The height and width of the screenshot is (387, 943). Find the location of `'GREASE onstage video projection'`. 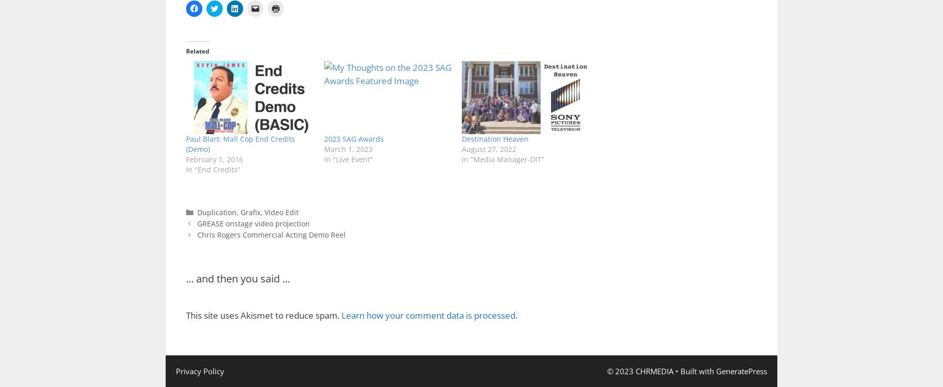

'GREASE onstage video projection' is located at coordinates (253, 223).